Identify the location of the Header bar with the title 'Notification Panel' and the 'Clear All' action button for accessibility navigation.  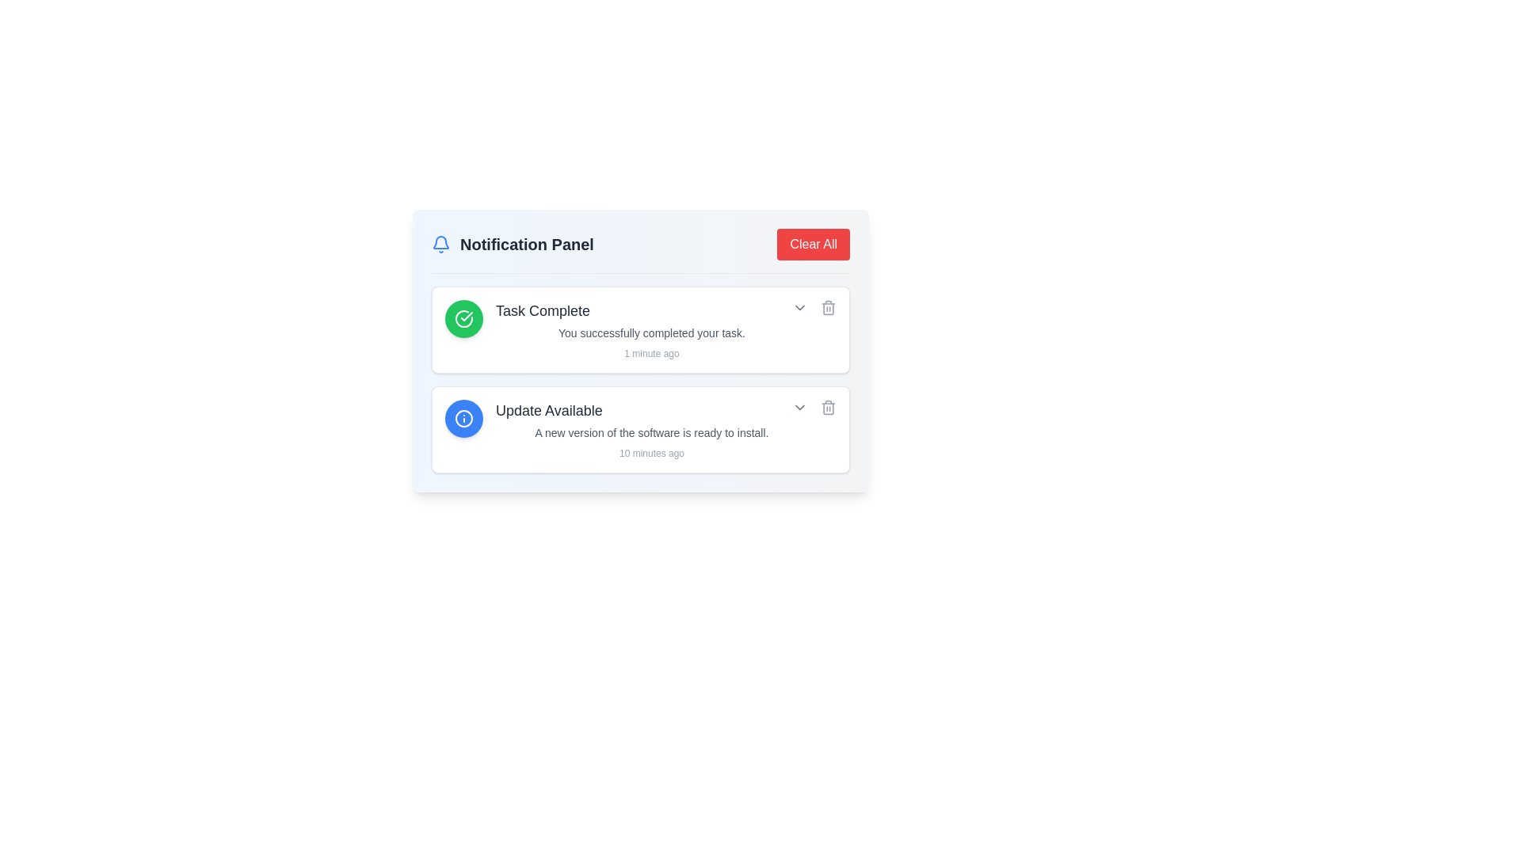
(641, 250).